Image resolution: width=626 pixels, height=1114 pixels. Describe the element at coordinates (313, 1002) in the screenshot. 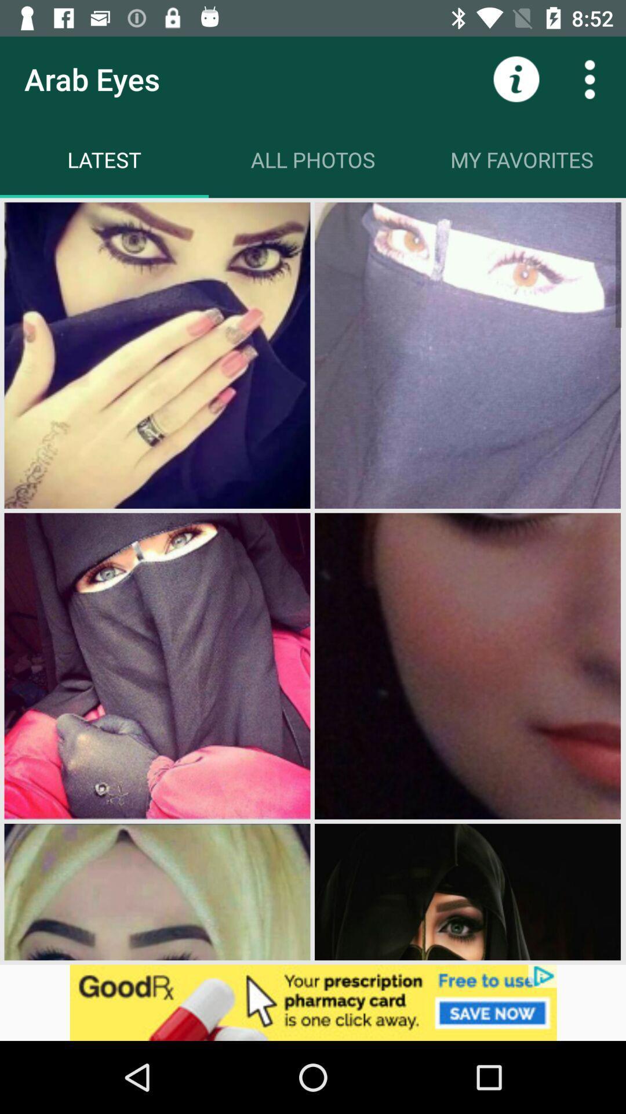

I see `open the advertisements` at that location.